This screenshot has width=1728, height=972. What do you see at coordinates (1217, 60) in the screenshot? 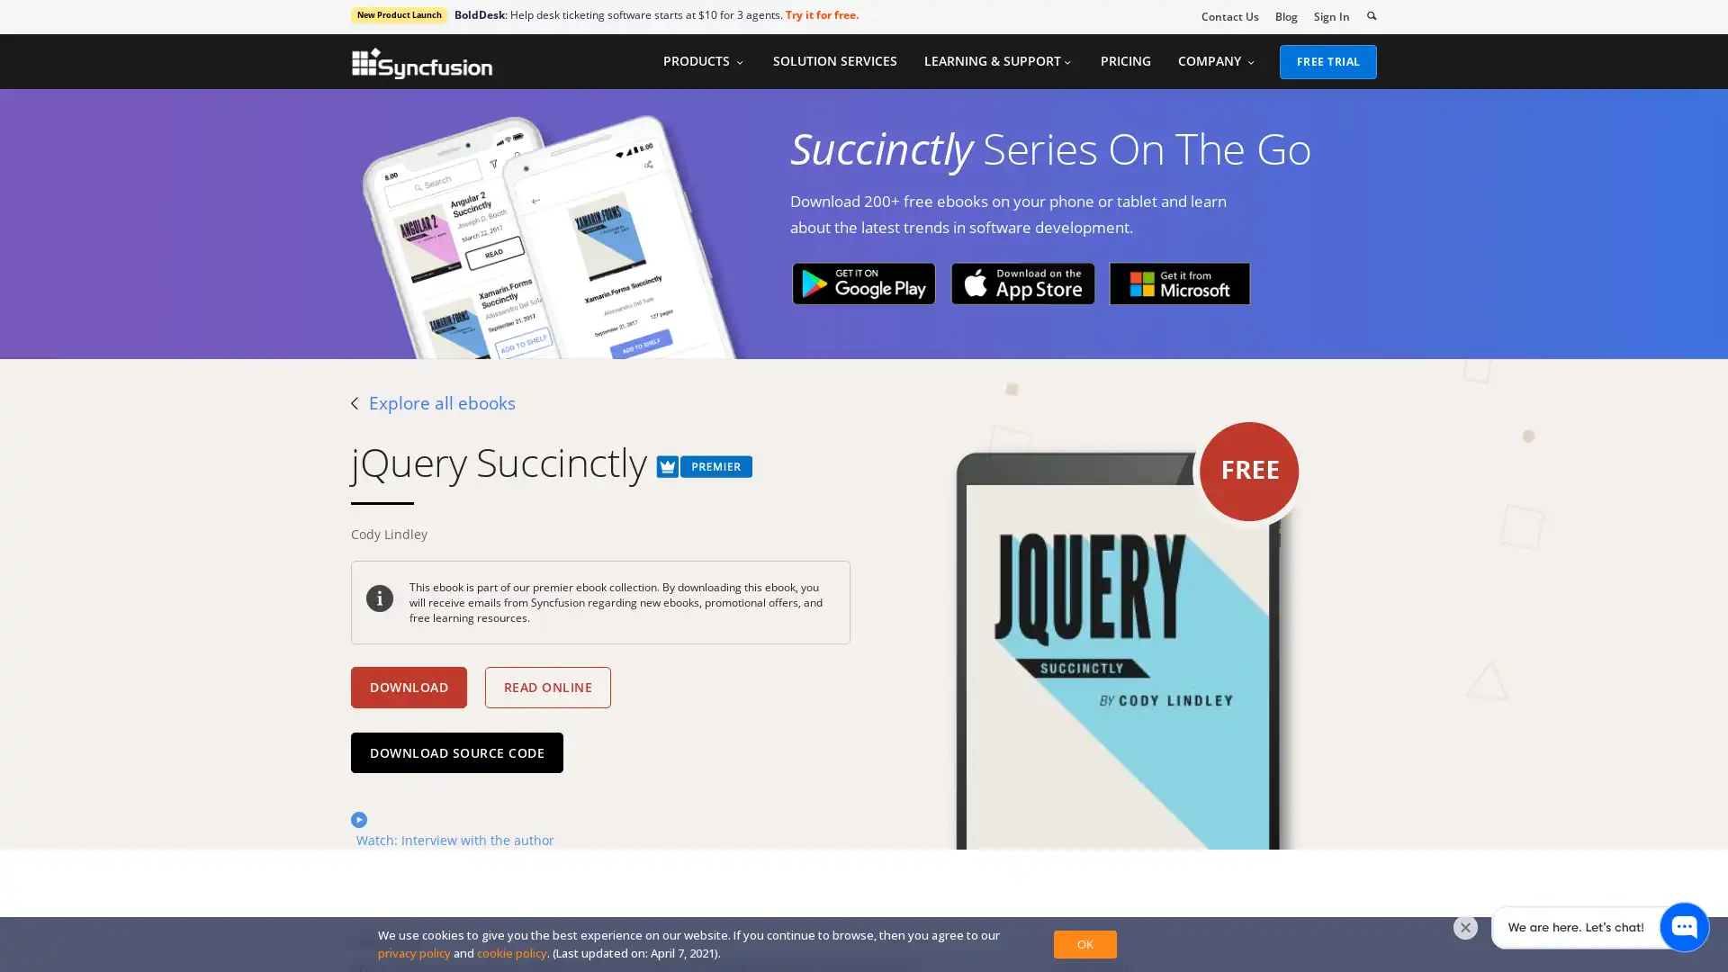
I see `COMPANY` at bounding box center [1217, 60].